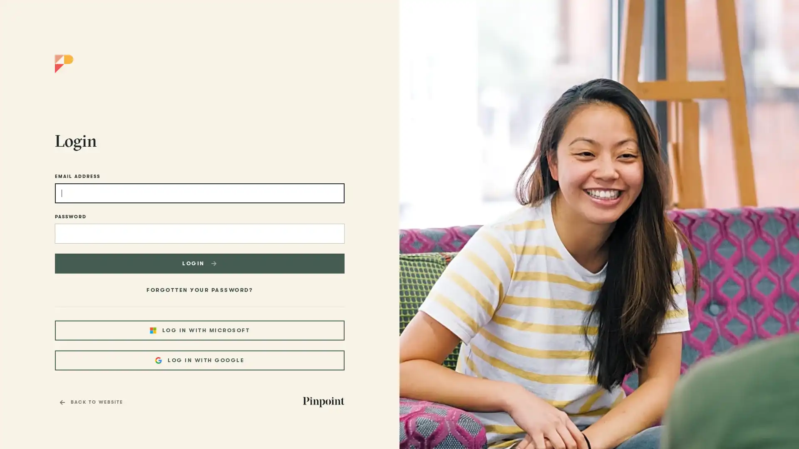 Image resolution: width=799 pixels, height=449 pixels. Describe the element at coordinates (199, 290) in the screenshot. I see `FORGOTTEN YOUR PASSWORD?` at that location.